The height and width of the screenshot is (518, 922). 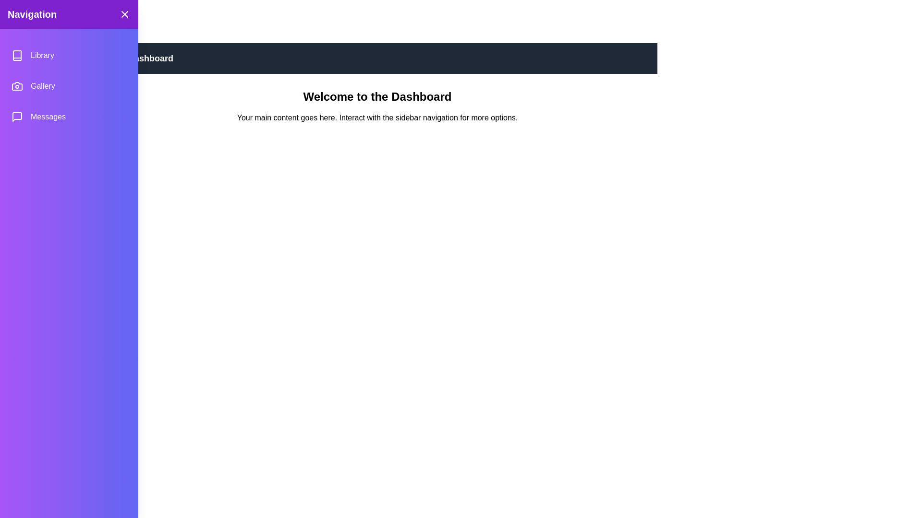 What do you see at coordinates (48, 116) in the screenshot?
I see `the 'Messages' text label in the sidebar navigation menu, which is displayed in white text on a purple background, and is the third item in the list` at bounding box center [48, 116].